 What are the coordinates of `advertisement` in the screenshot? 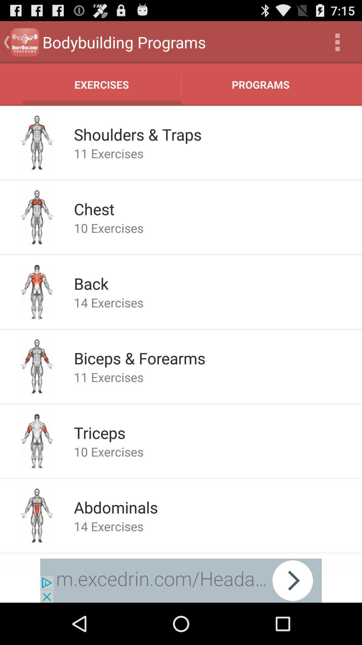 It's located at (181, 580).